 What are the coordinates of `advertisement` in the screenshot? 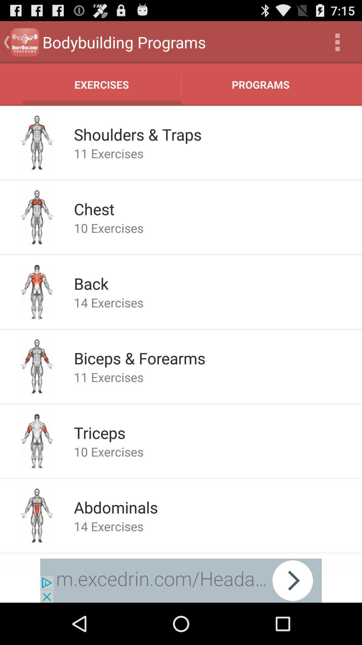 It's located at (181, 580).